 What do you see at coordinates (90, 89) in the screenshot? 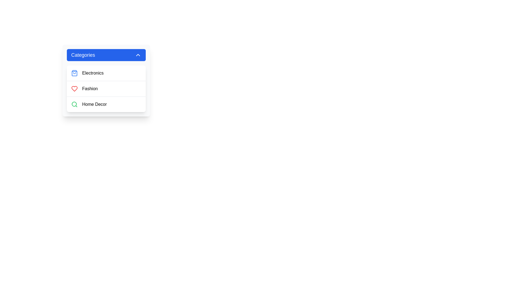
I see `the text label 'Fashion'` at bounding box center [90, 89].